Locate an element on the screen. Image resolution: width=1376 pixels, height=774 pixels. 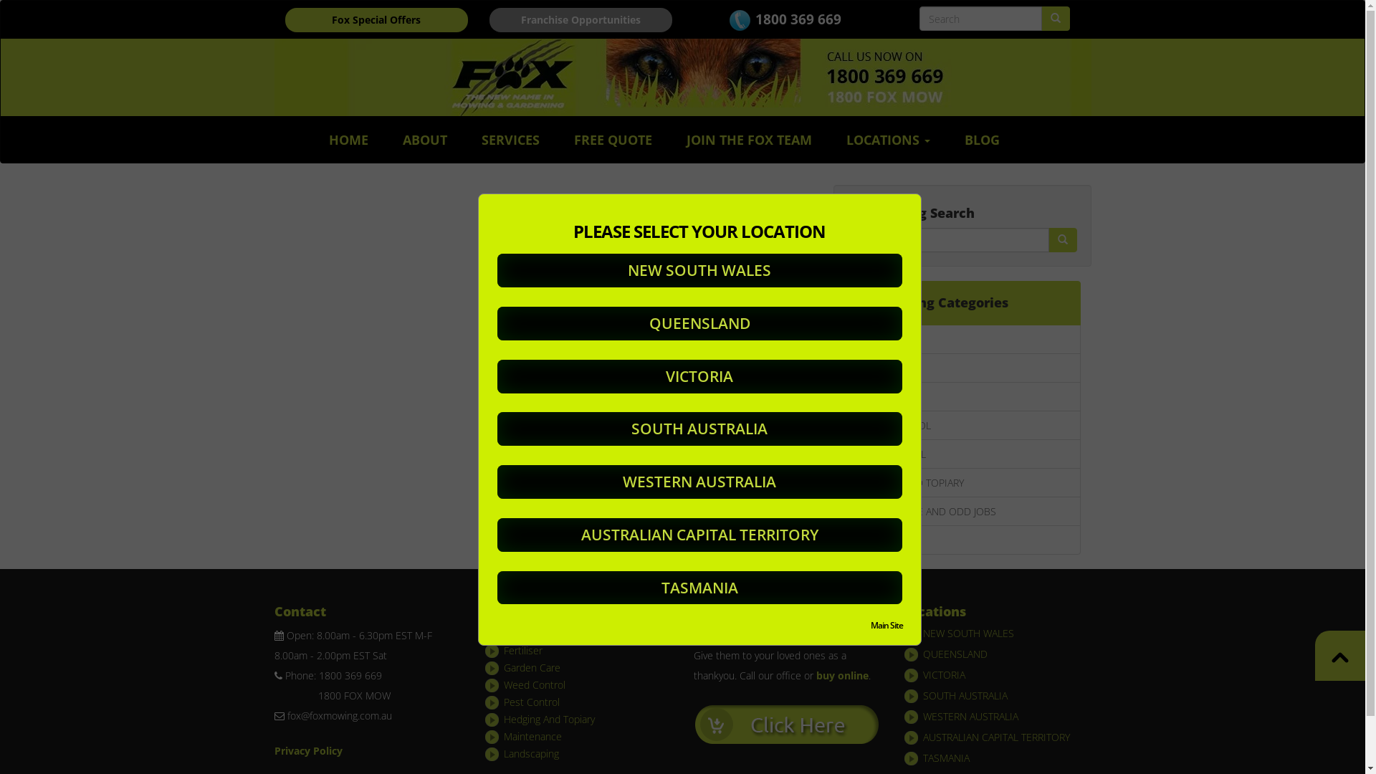
'LOCATIONS' is located at coordinates (887, 140).